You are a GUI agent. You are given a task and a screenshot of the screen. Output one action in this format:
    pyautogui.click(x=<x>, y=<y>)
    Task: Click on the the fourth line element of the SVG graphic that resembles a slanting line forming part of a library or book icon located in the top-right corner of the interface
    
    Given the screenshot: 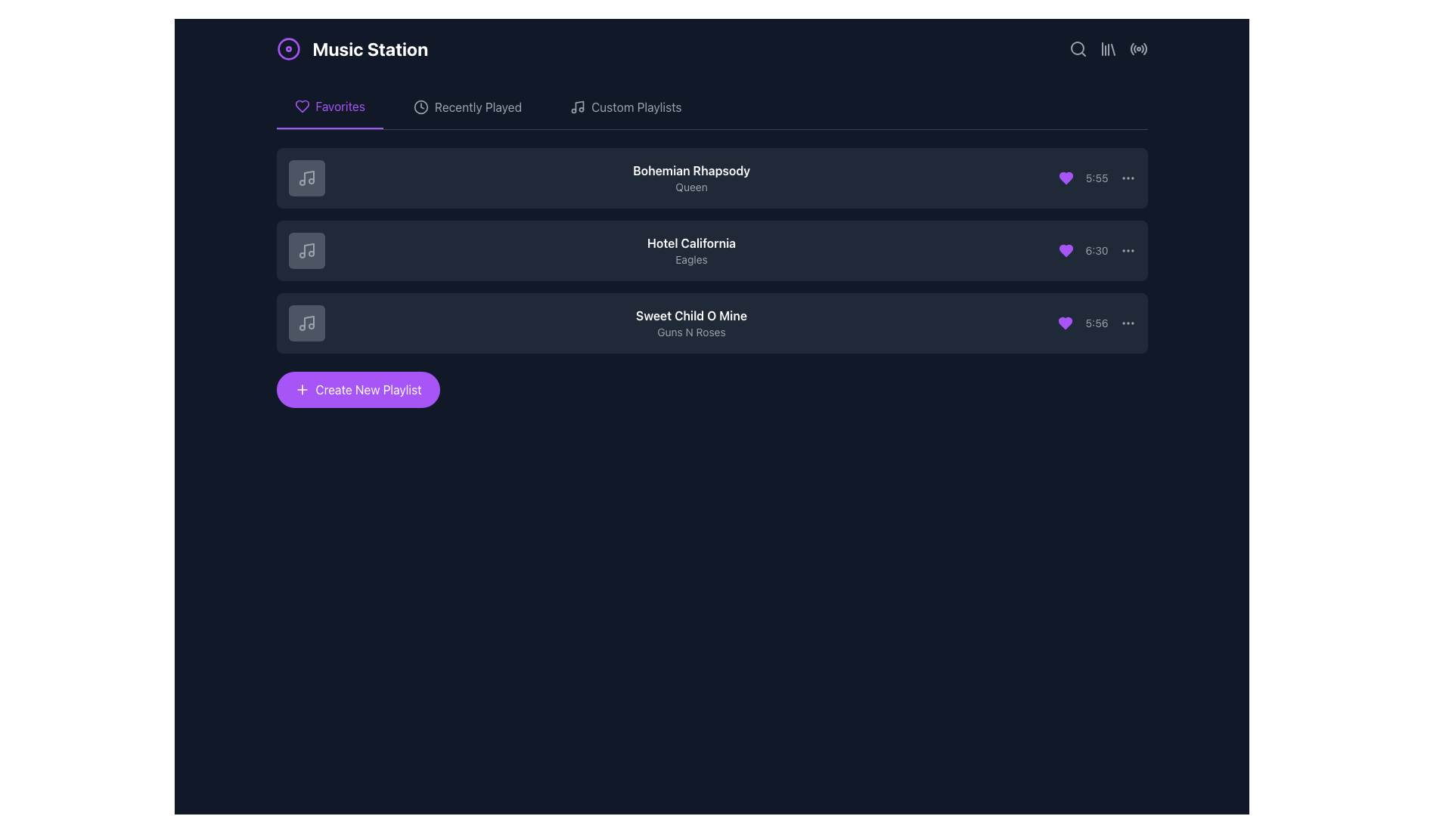 What is the action you would take?
    pyautogui.click(x=1112, y=48)
    